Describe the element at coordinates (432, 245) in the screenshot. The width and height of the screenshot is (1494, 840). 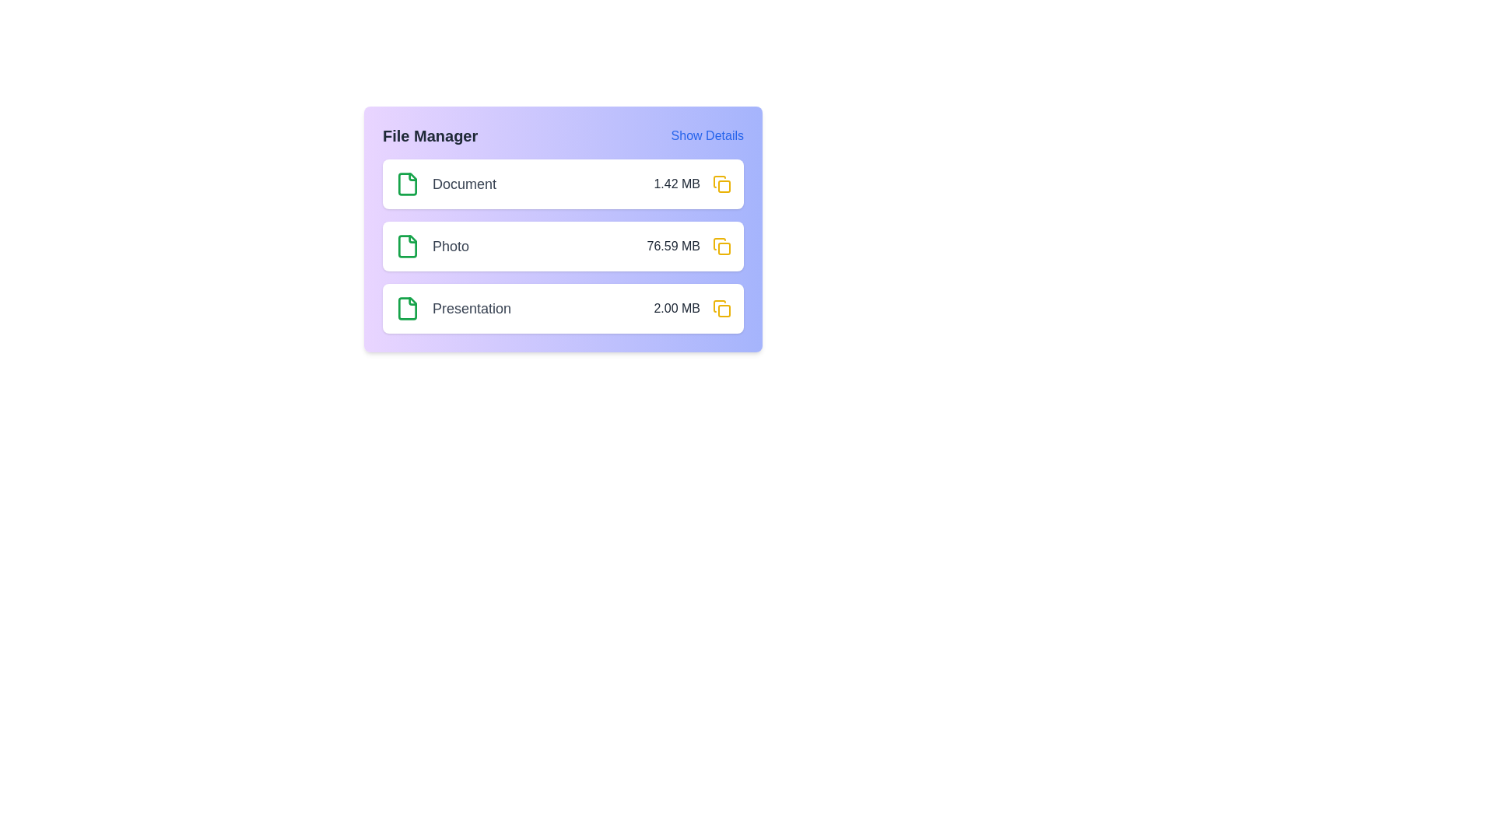
I see `the 'Photo' label which displays the word 'Photo' in a standard sans-serif font, located in the middle of the card listing adjacent to a document icon with a green accent` at that location.